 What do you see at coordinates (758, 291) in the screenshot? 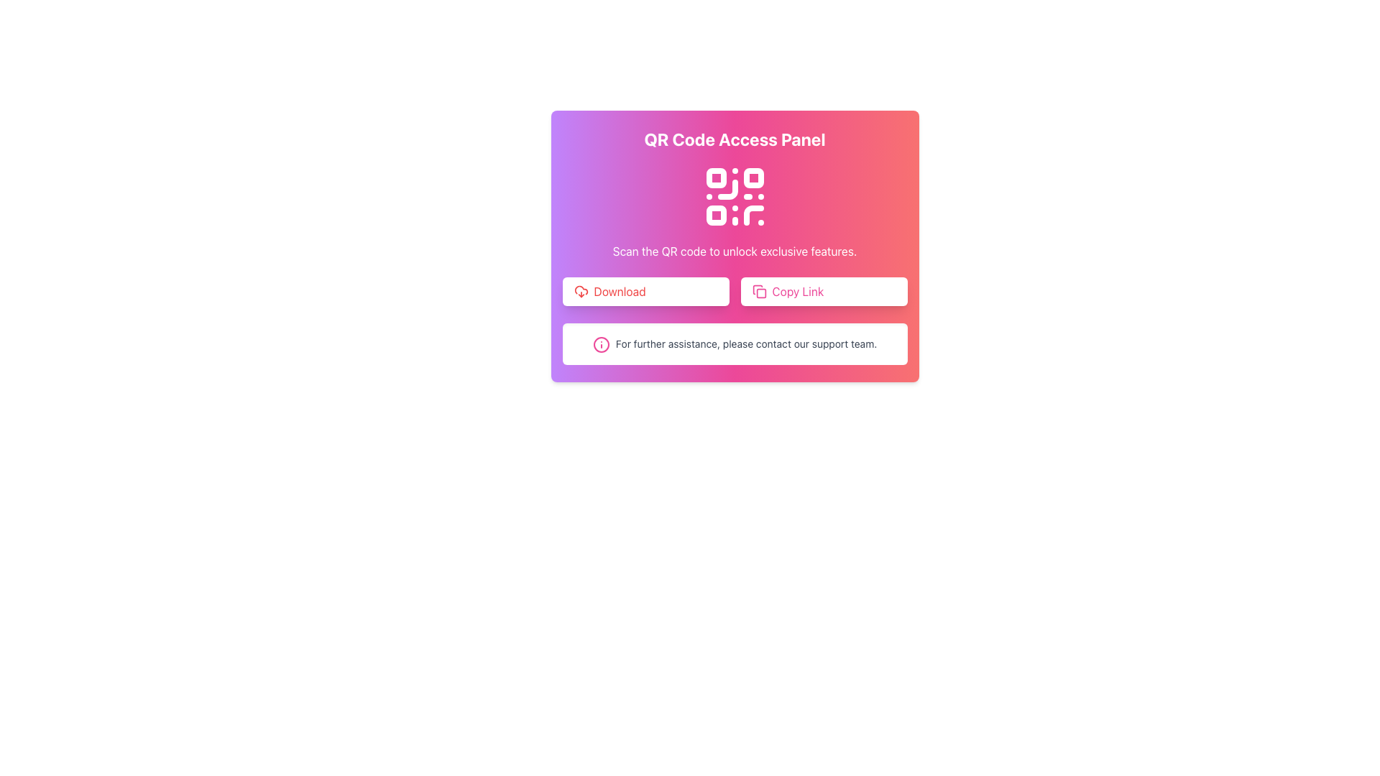
I see `the document icon located to the left of the 'Copy Link' button` at bounding box center [758, 291].